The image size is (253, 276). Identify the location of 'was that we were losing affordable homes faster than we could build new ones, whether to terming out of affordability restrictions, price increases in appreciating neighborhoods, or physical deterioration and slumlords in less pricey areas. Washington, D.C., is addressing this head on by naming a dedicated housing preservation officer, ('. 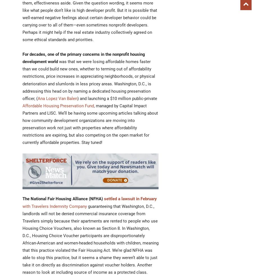
(88, 80).